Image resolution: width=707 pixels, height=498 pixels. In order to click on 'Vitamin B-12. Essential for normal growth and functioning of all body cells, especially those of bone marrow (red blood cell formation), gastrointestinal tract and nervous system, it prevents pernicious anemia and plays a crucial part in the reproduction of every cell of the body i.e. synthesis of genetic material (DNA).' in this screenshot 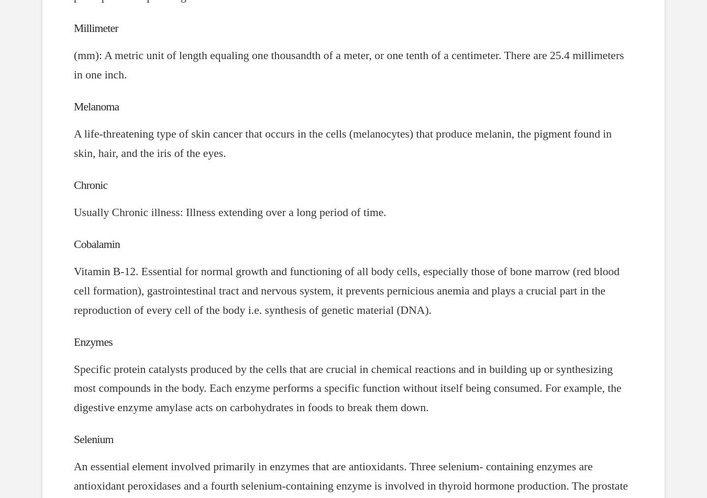, I will do `click(73, 290)`.